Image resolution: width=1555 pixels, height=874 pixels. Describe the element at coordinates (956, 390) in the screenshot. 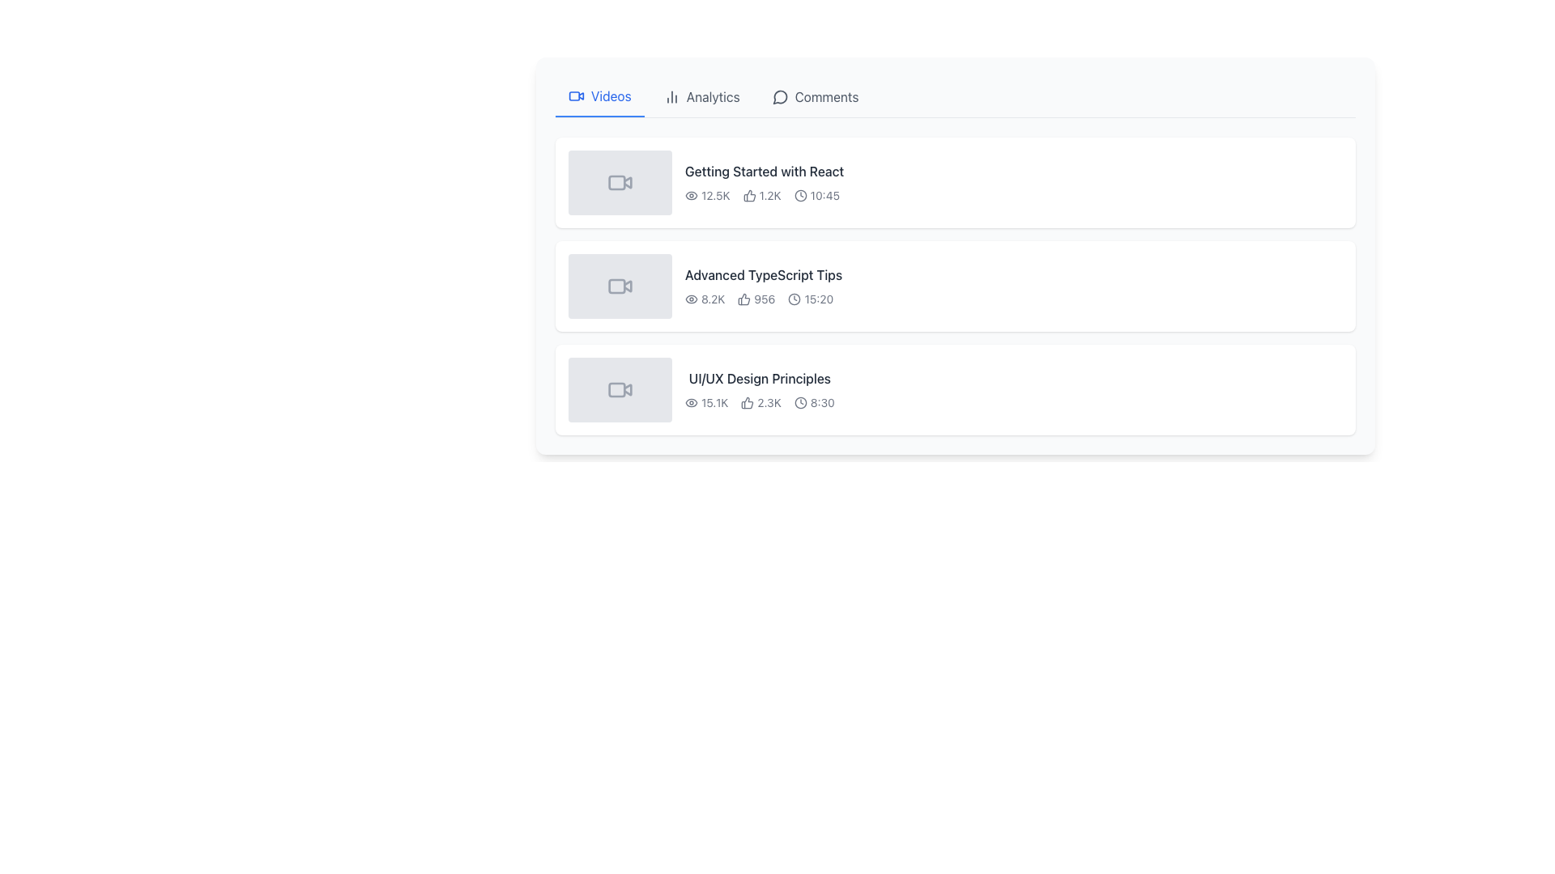

I see `the third list entry featuring the title 'UI/UX Design Principles', which includes a thumbnail and textual details such as view count '15.1K', likes '2.3K', and duration '8:30'` at that location.